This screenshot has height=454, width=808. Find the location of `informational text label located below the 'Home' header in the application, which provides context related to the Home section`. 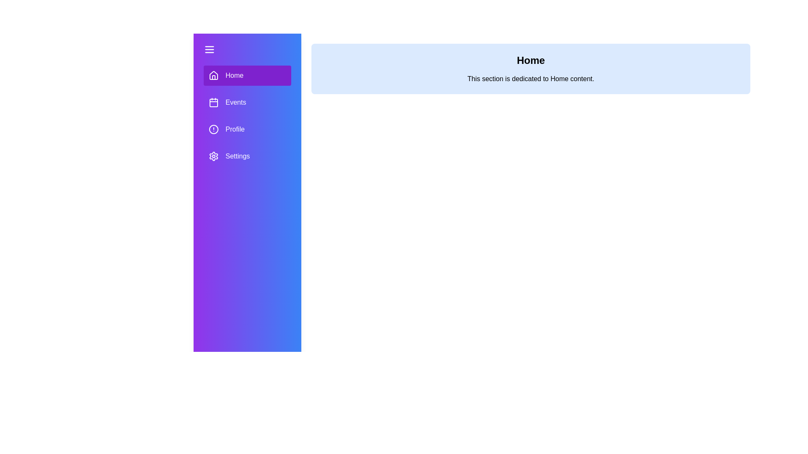

informational text label located below the 'Home' header in the application, which provides context related to the Home section is located at coordinates (530, 79).